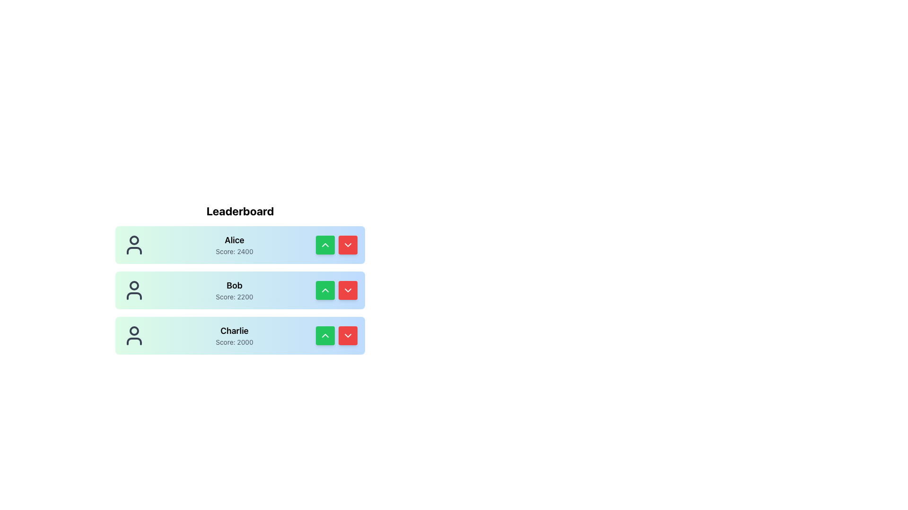  Describe the element at coordinates (133, 240) in the screenshot. I see `the SVG Circle located at the center-top of the user icon for 'Alice' on the leaderboard card` at that location.